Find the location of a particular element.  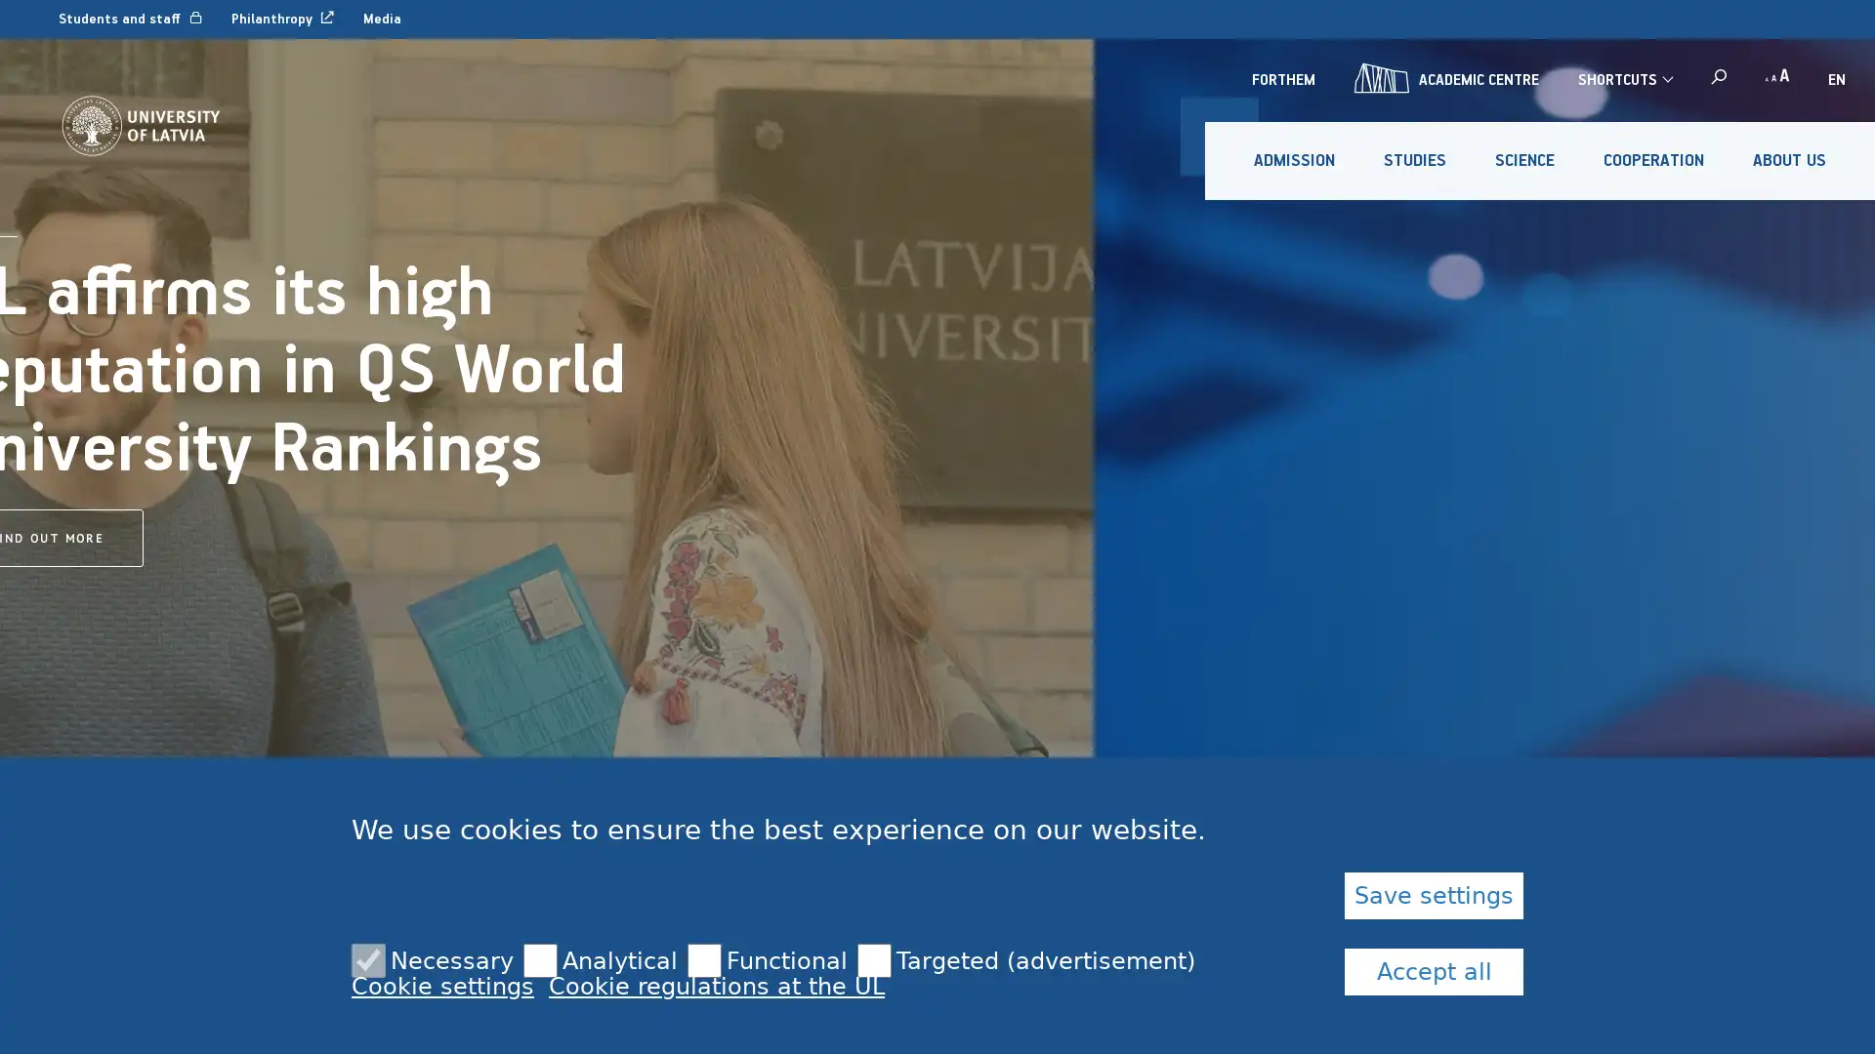

STUDIES is located at coordinates (1415, 160).